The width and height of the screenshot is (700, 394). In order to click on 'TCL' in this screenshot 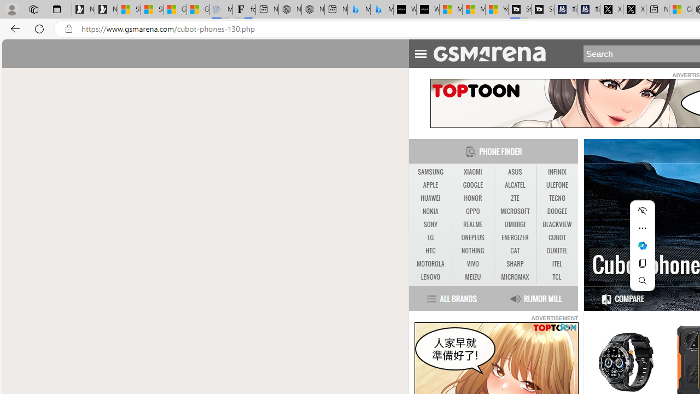, I will do `click(557, 276)`.